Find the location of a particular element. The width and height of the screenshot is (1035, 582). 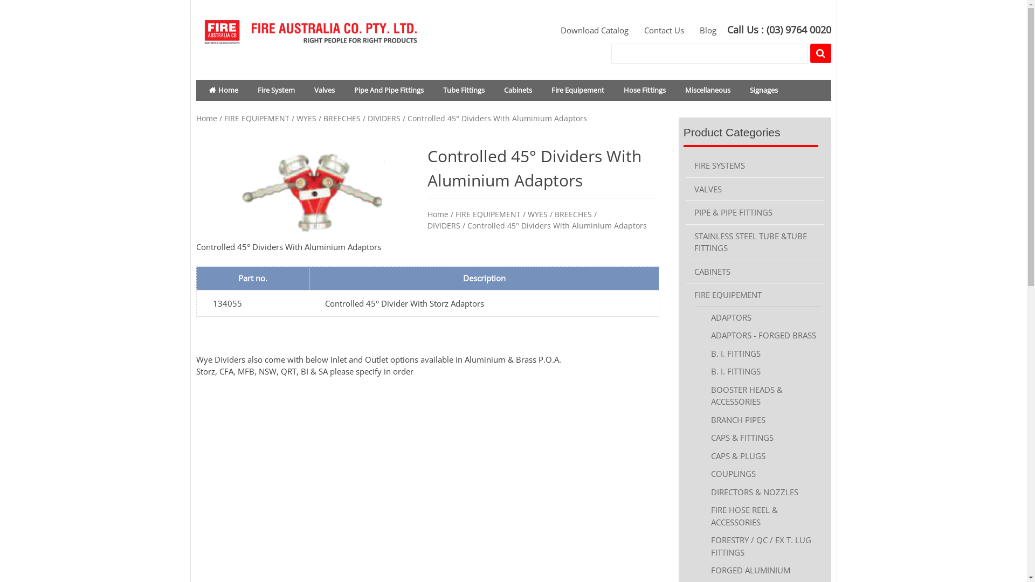

'Tube Fittings' is located at coordinates (464, 89).